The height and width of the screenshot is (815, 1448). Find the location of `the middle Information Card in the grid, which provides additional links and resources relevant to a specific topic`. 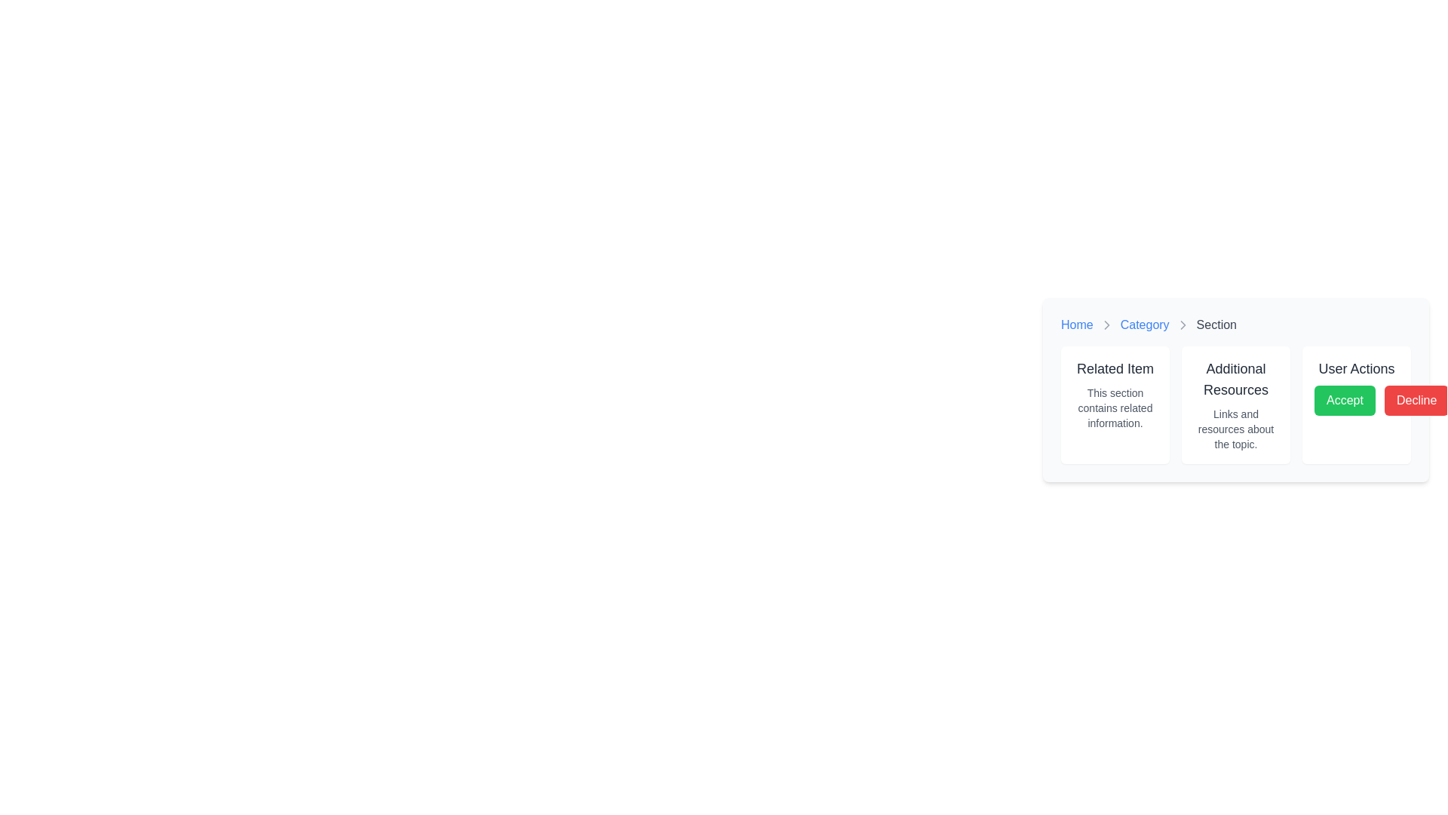

the middle Information Card in the grid, which provides additional links and resources relevant to a specific topic is located at coordinates (1235, 404).